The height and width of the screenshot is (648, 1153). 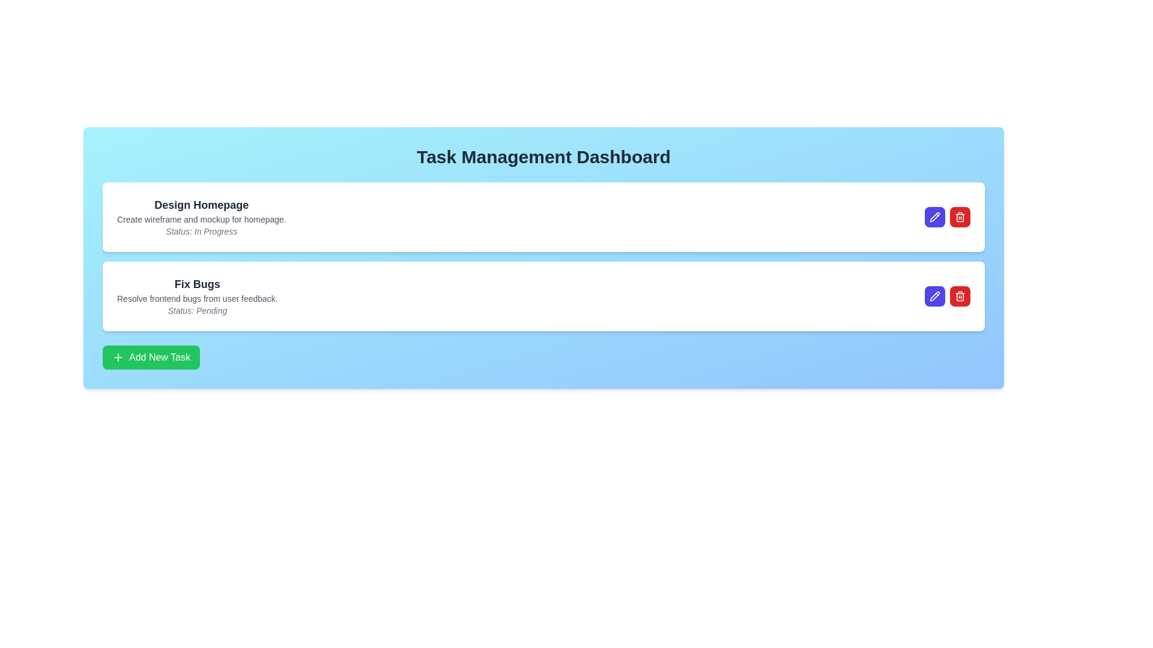 What do you see at coordinates (150, 357) in the screenshot?
I see `the rectangular green button labeled 'Add New Task' to observe the hover effect, which darkens the button slightly` at bounding box center [150, 357].